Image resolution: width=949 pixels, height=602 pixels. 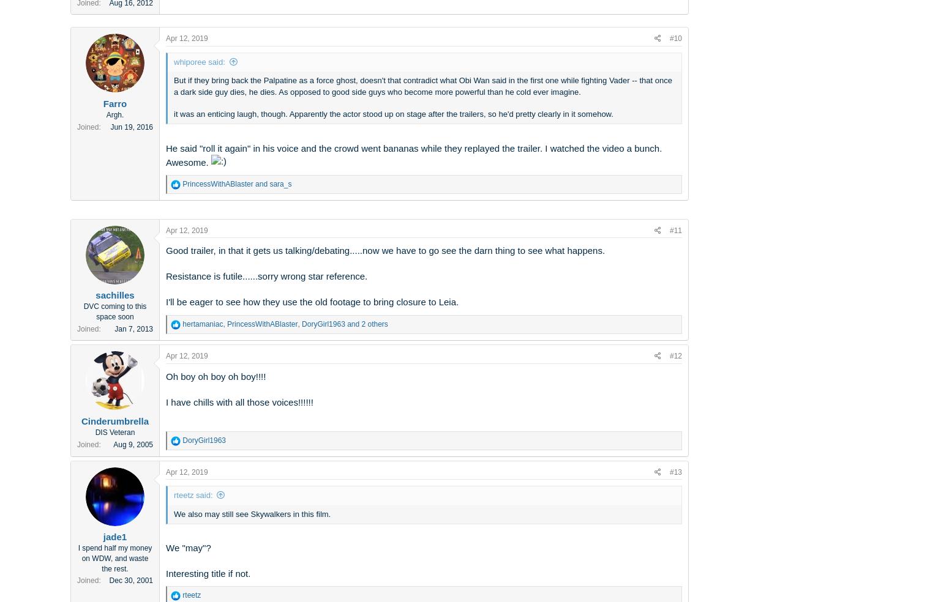 I want to click on 'Argh.', so click(x=114, y=114).